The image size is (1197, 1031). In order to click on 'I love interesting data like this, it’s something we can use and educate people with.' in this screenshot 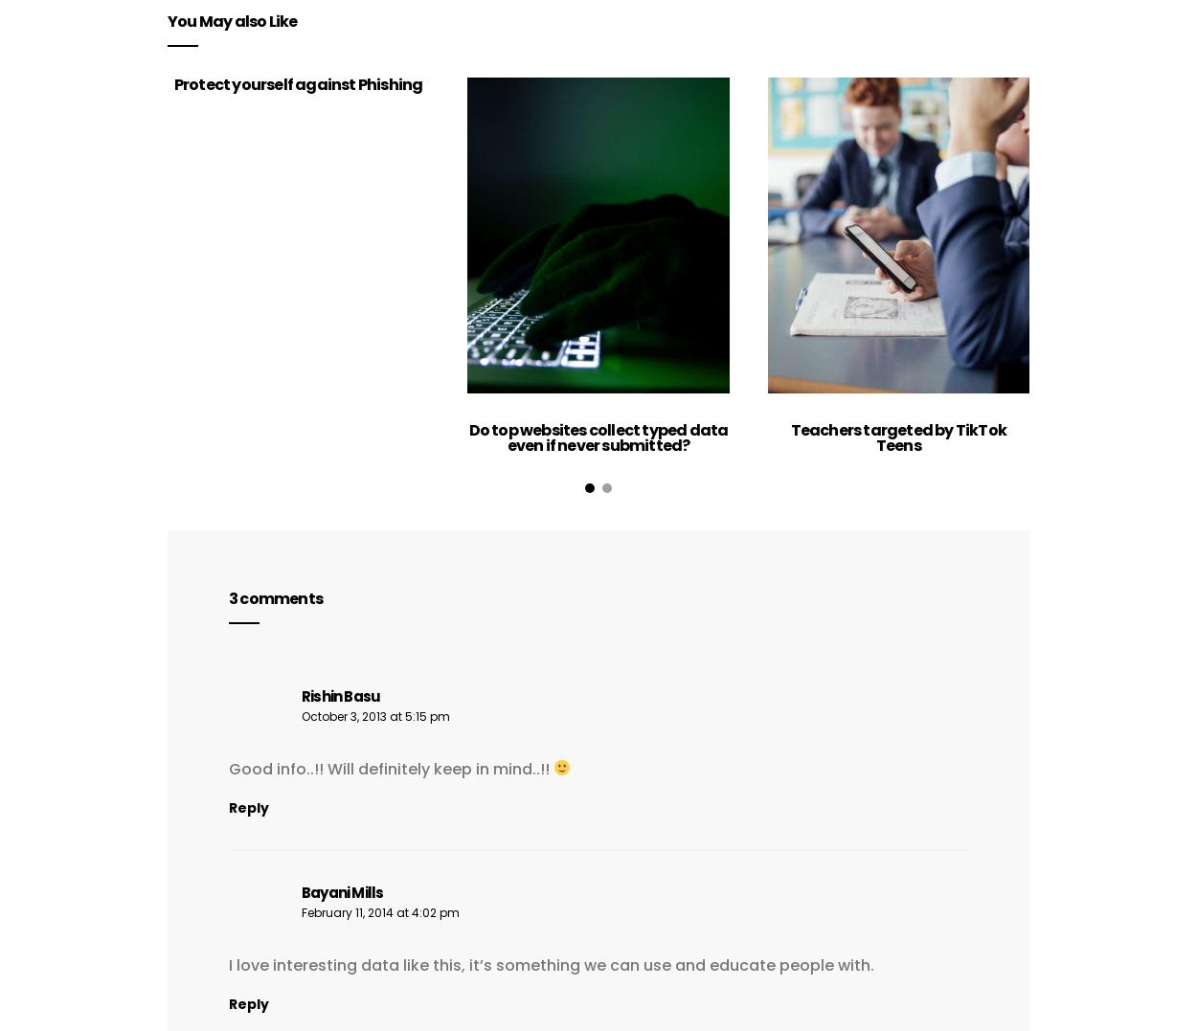, I will do `click(551, 963)`.